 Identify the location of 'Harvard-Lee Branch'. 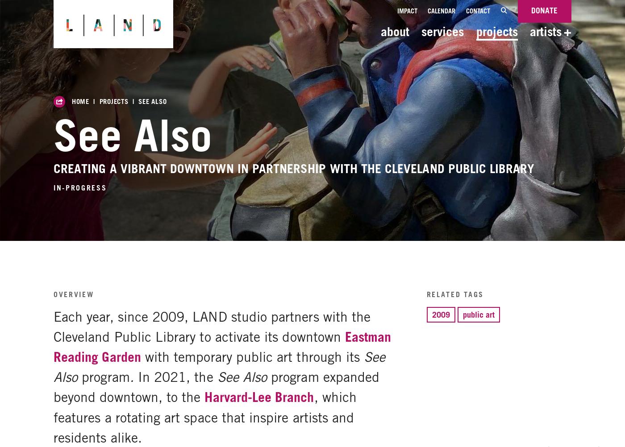
(259, 397).